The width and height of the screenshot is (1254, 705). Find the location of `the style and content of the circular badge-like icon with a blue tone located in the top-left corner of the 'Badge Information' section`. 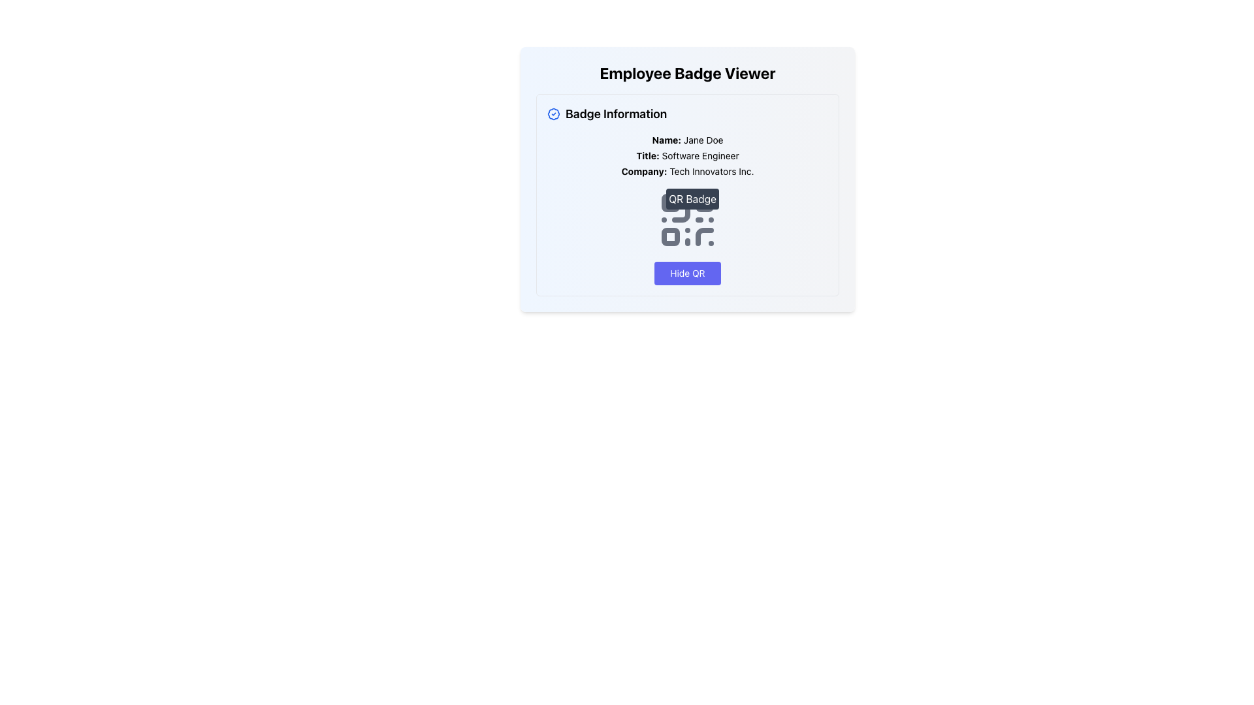

the style and content of the circular badge-like icon with a blue tone located in the top-left corner of the 'Badge Information' section is located at coordinates (554, 113).